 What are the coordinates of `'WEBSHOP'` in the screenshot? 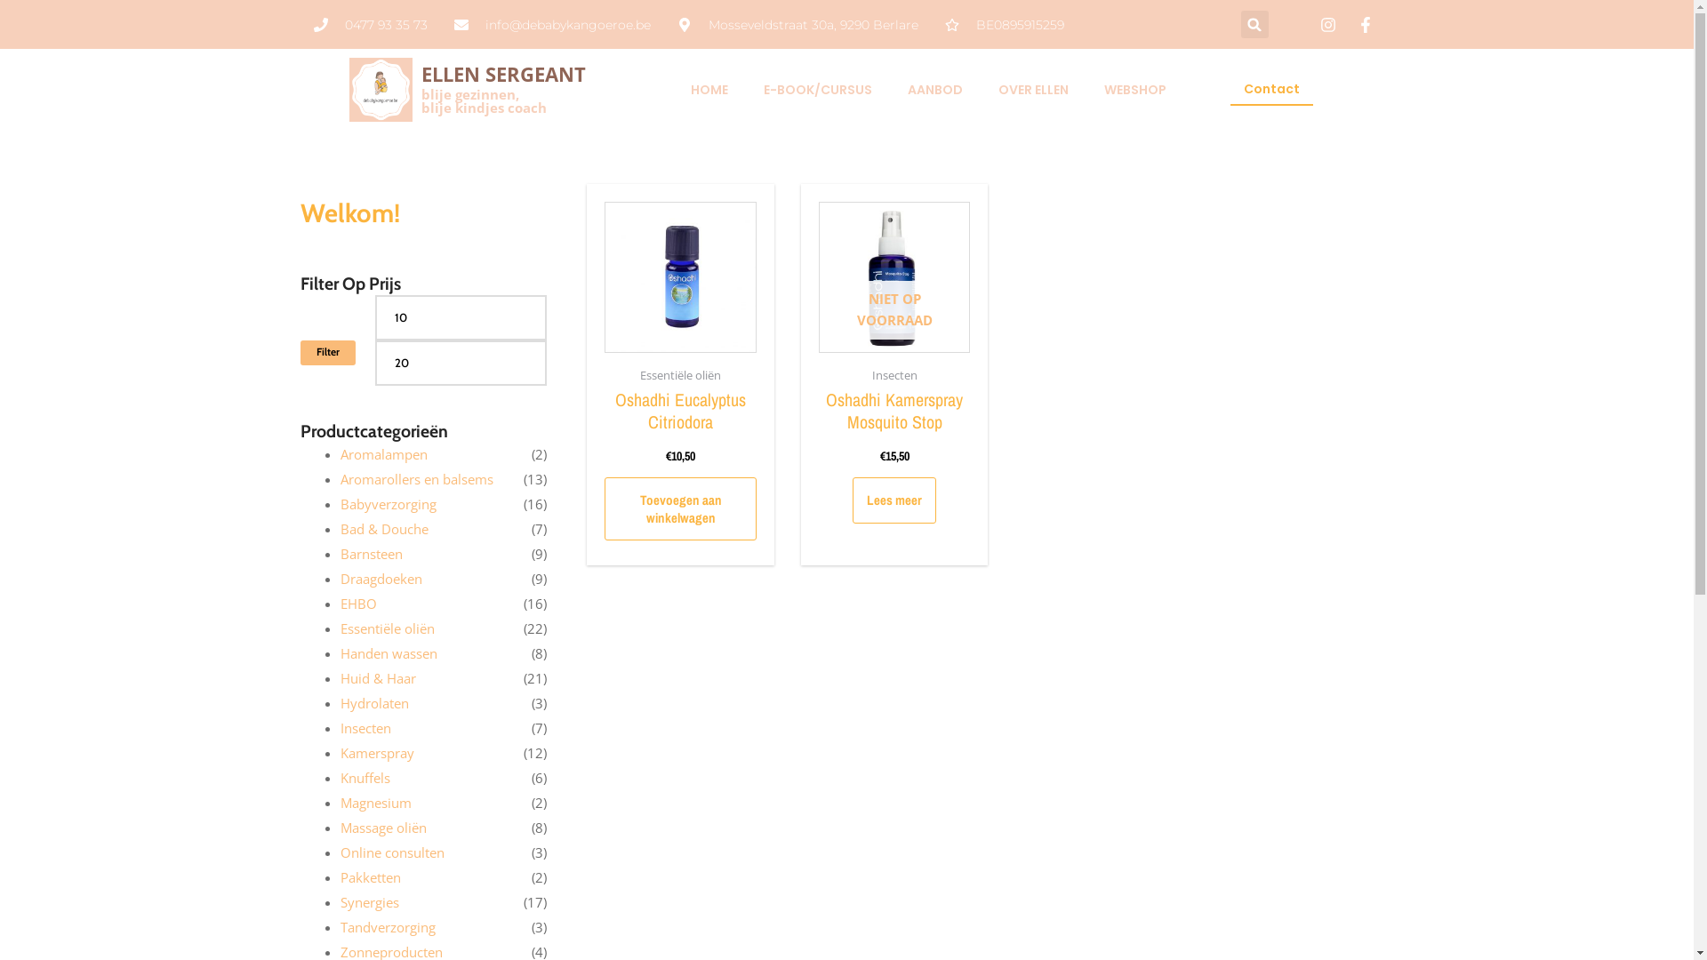 It's located at (1134, 89).